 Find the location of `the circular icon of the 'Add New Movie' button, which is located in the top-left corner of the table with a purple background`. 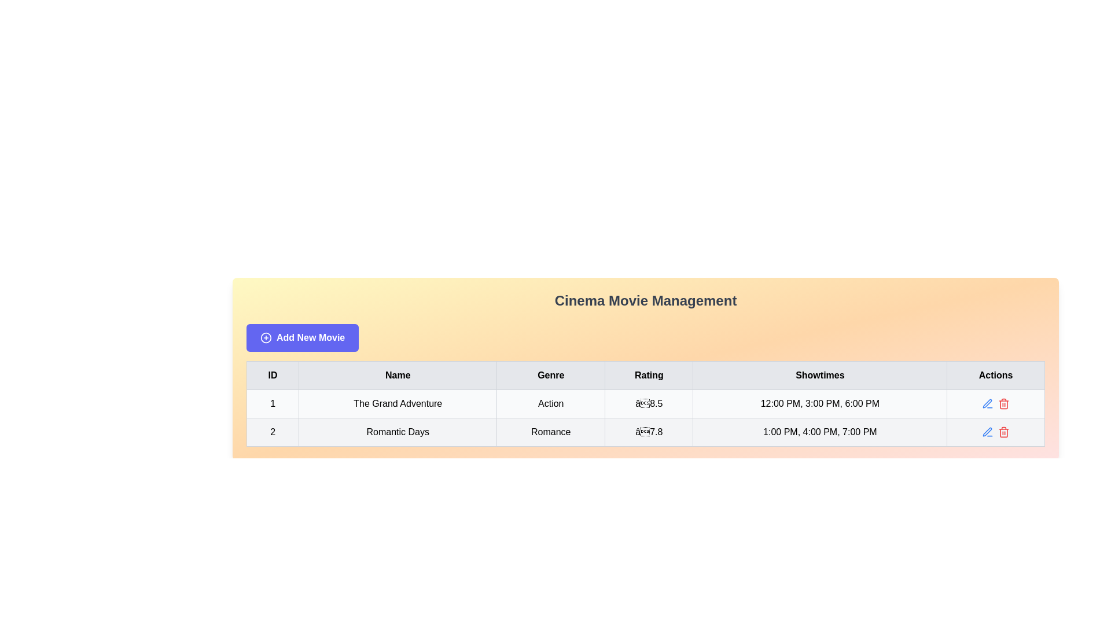

the circular icon of the 'Add New Movie' button, which is located in the top-left corner of the table with a purple background is located at coordinates (266, 337).